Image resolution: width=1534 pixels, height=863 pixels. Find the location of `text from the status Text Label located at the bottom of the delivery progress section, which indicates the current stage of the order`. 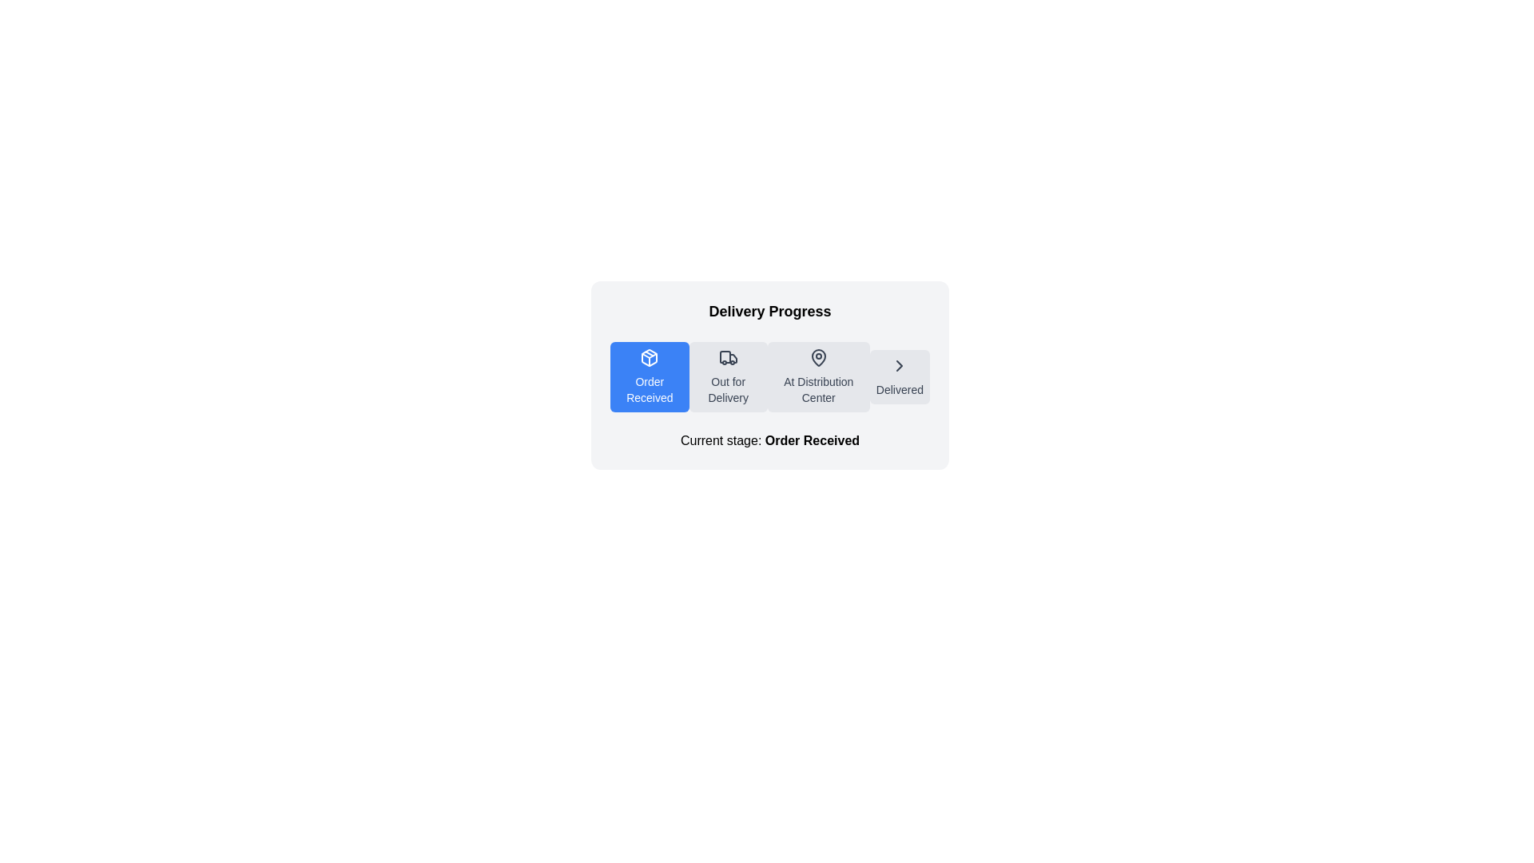

text from the status Text Label located at the bottom of the delivery progress section, which indicates the current stage of the order is located at coordinates (770, 440).